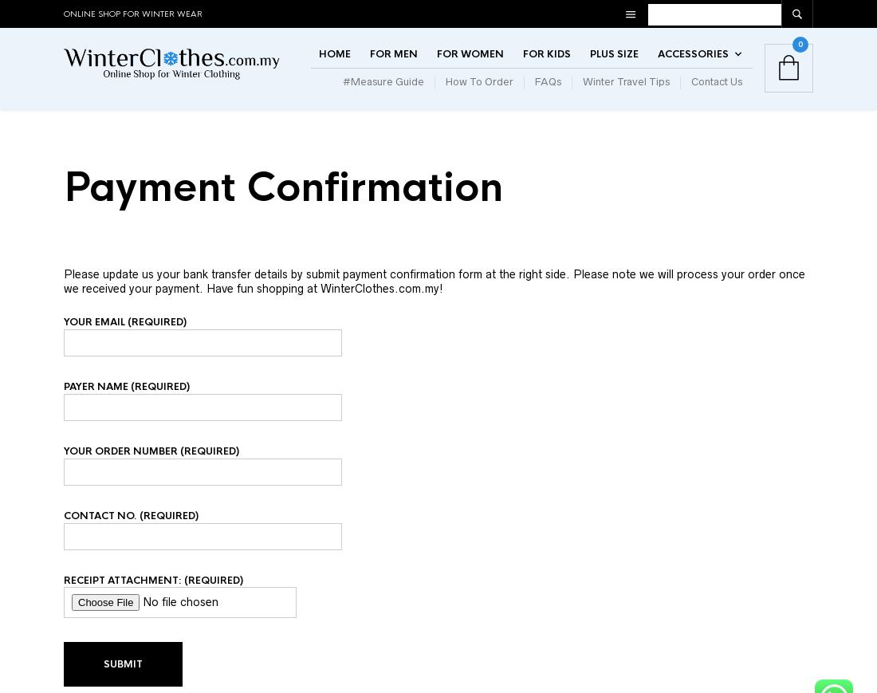 The image size is (877, 693). I want to click on 'For Men', so click(394, 68).